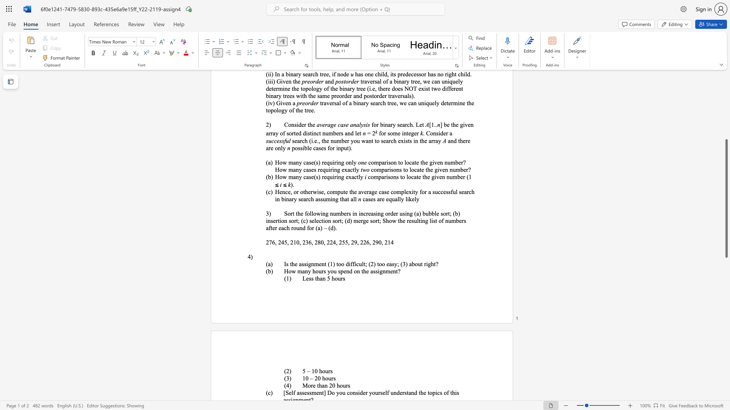 The width and height of the screenshot is (730, 410). Describe the element at coordinates (325, 378) in the screenshot. I see `the subset text "ours" within the text "10 – 20 hours"` at that location.